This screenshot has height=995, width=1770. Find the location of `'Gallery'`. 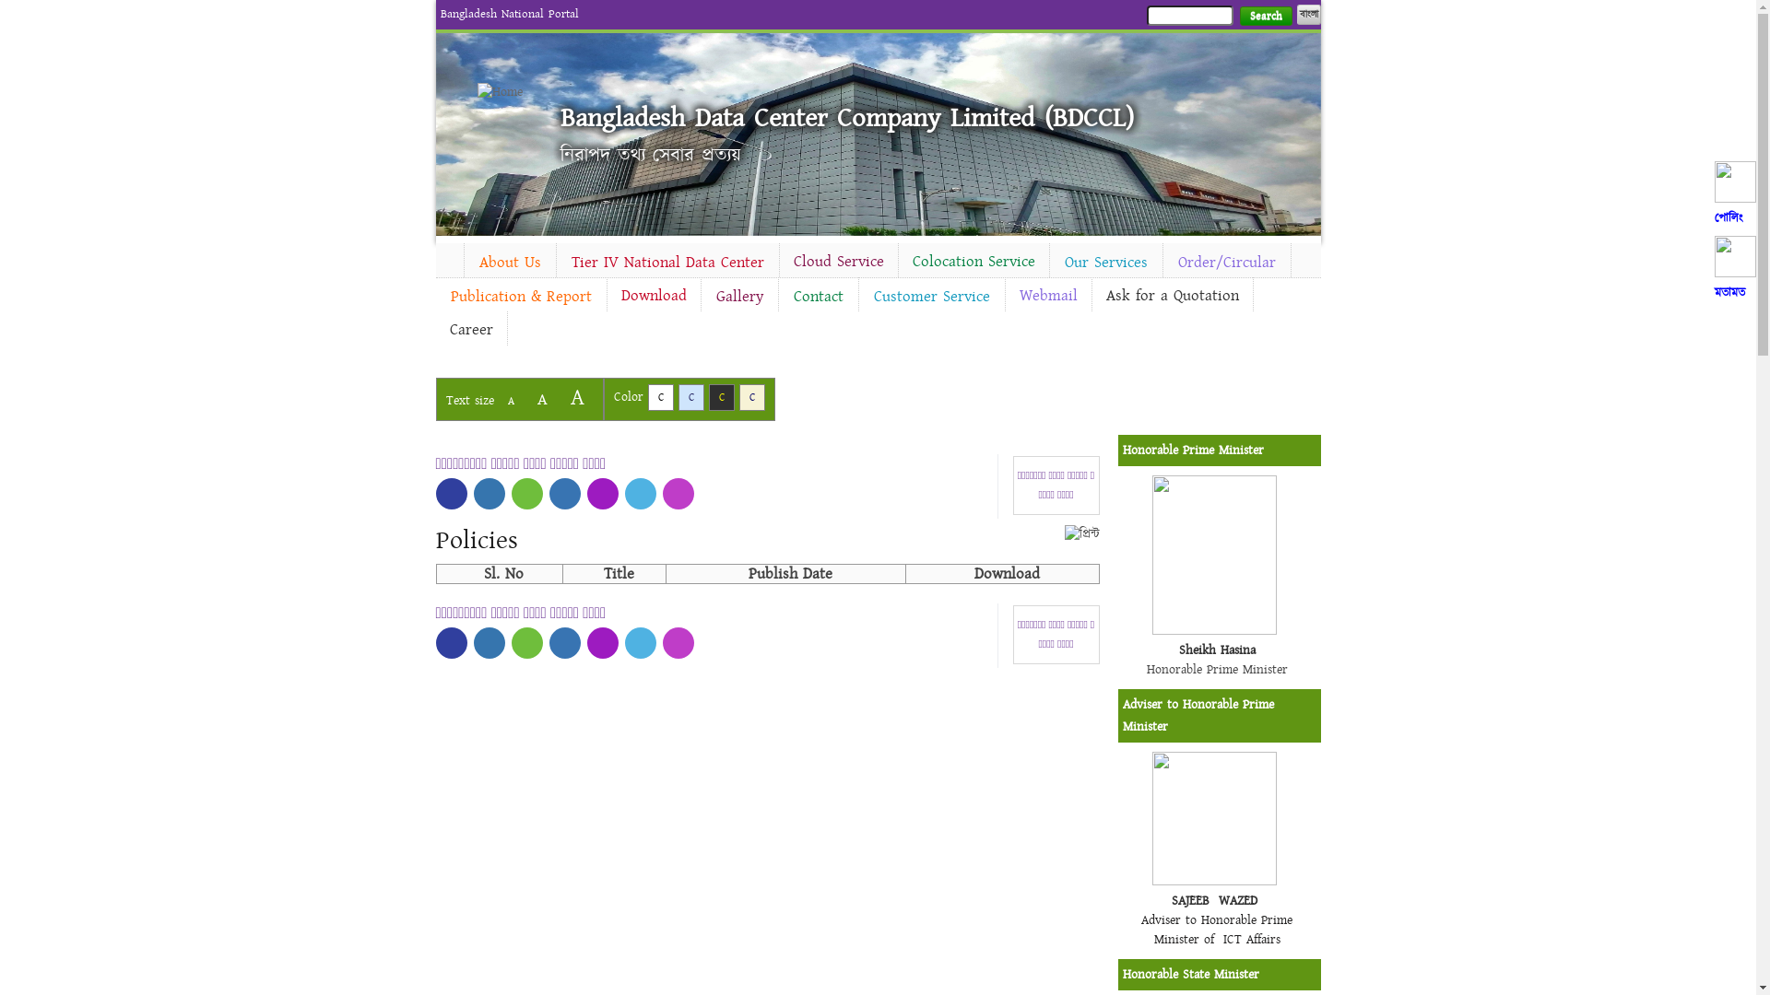

'Gallery' is located at coordinates (738, 295).